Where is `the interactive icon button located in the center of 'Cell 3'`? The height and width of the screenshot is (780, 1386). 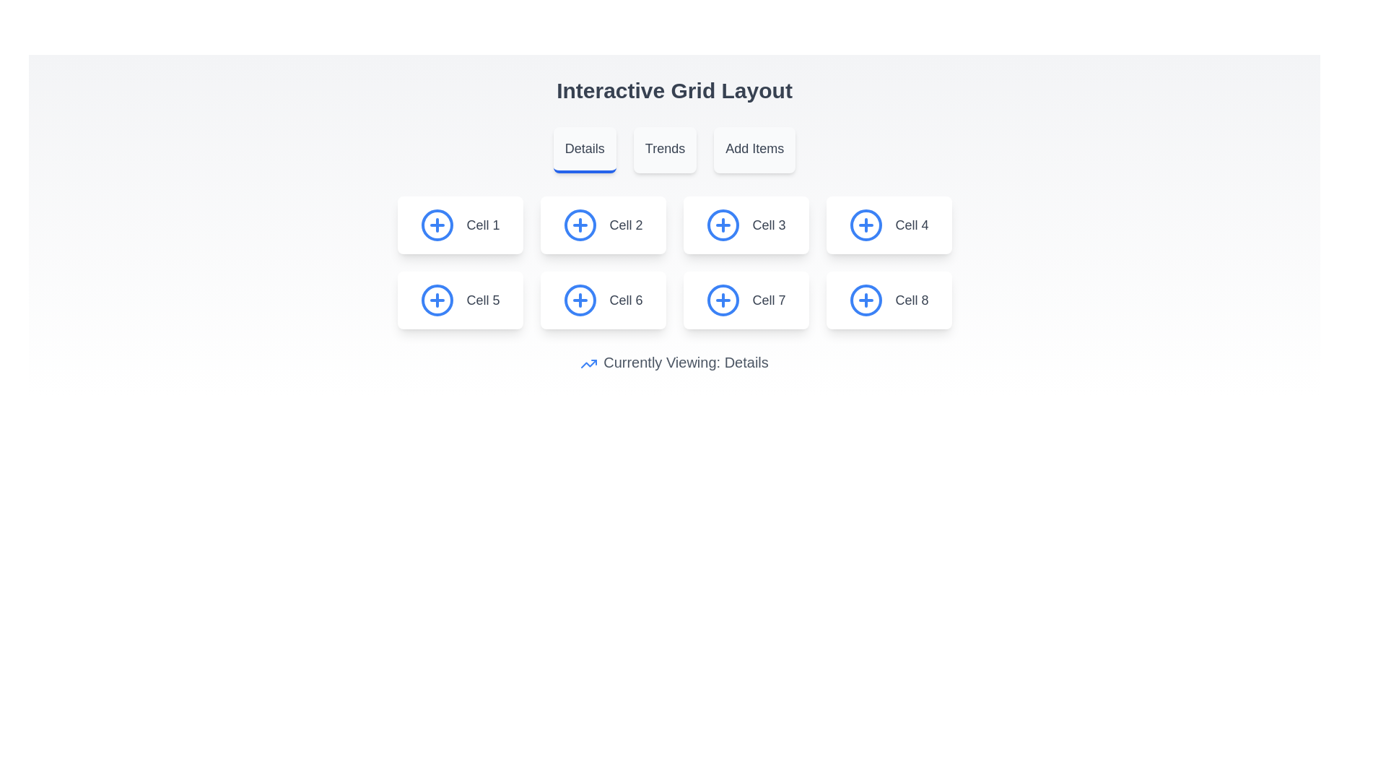
the interactive icon button located in the center of 'Cell 3' is located at coordinates (723, 225).